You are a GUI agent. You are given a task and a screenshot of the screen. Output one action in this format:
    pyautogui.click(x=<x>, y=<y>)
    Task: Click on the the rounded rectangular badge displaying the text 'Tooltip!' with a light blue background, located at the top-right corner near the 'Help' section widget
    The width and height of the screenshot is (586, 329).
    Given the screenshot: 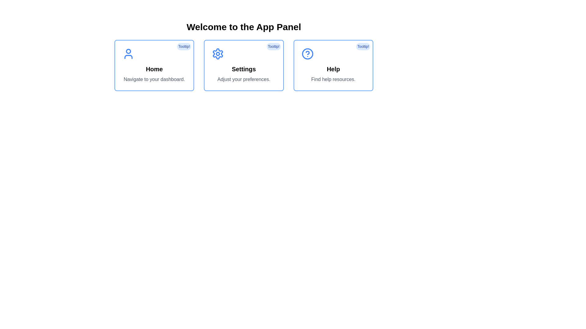 What is the action you would take?
    pyautogui.click(x=363, y=46)
    